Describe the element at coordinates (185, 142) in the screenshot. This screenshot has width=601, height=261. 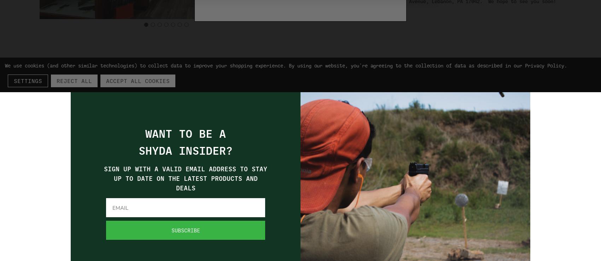
I see `'WANT TO BE A SHYDA INSIDER?'` at that location.